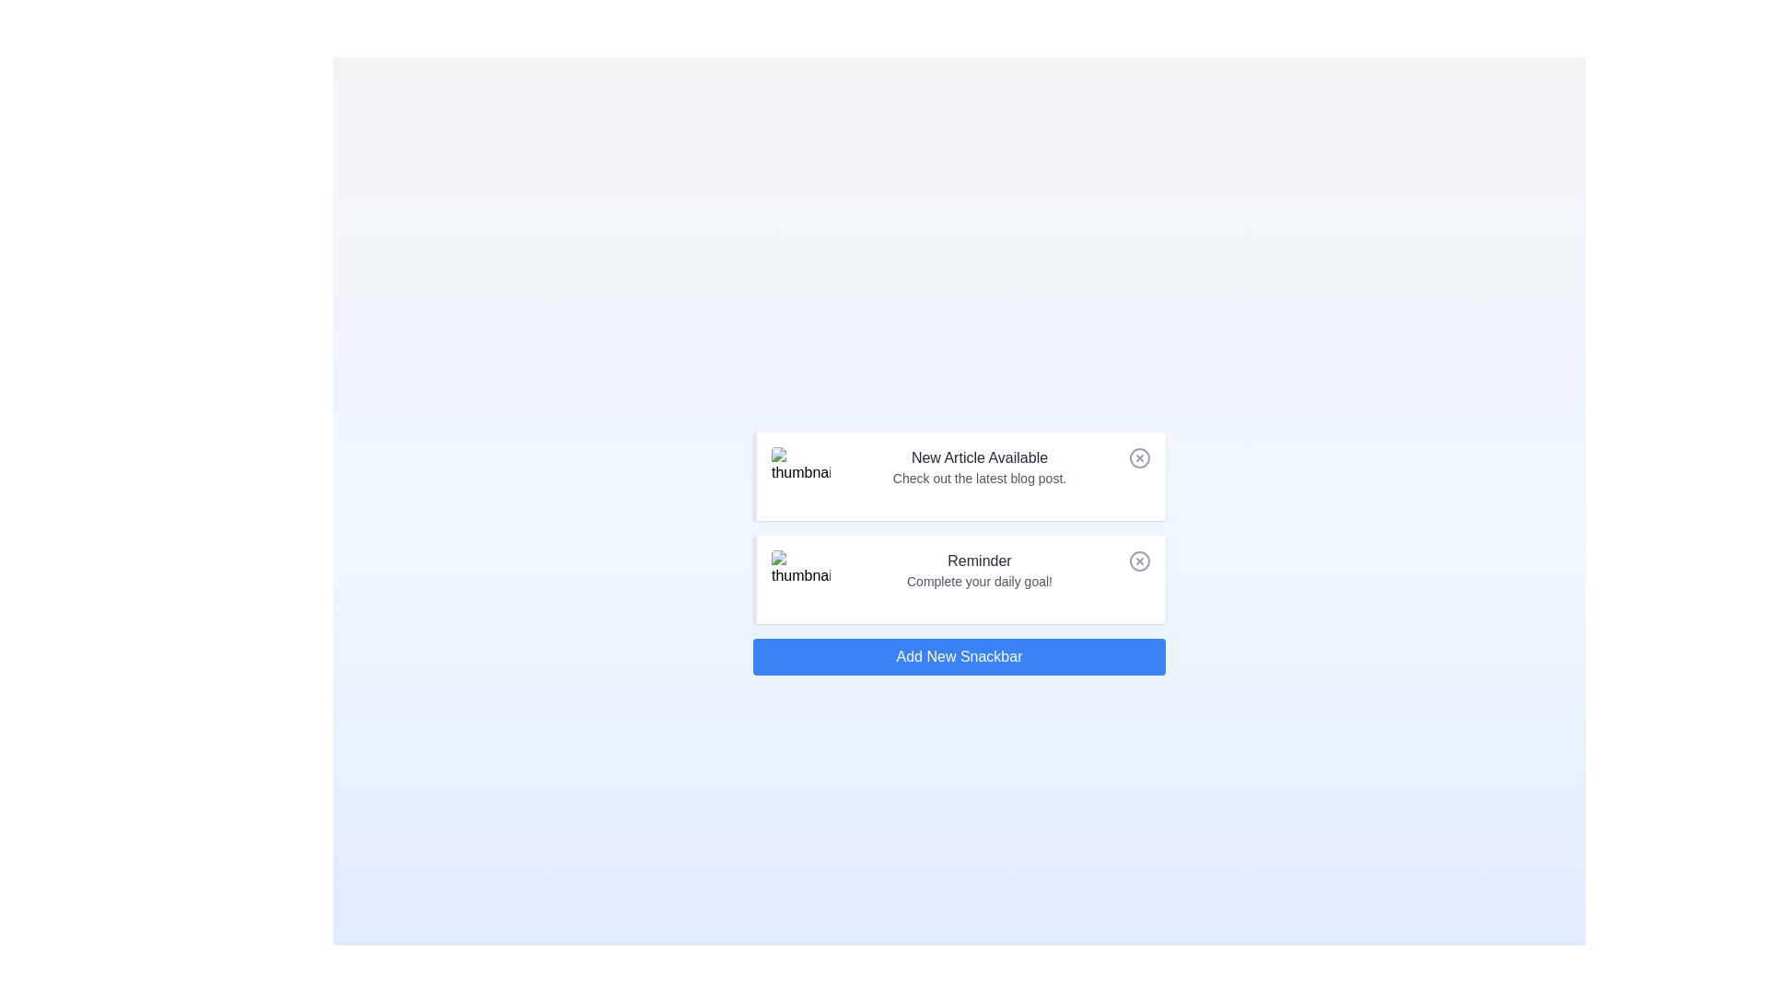  What do you see at coordinates (958, 655) in the screenshot?
I see `the 'Add New Snackbar' button to add a new notification` at bounding box center [958, 655].